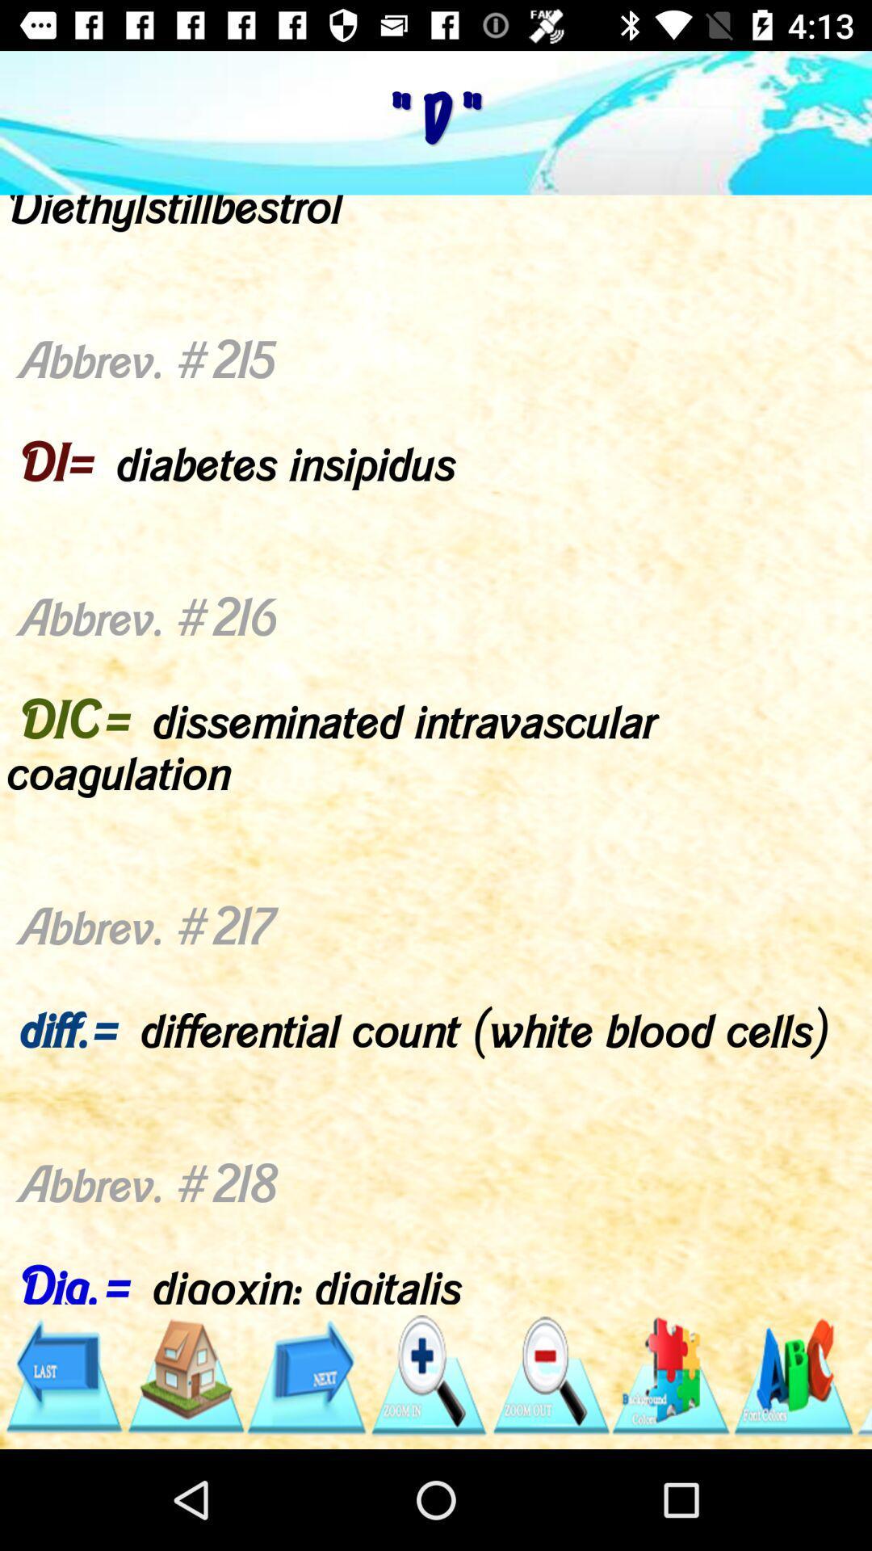 This screenshot has width=872, height=1551. Describe the element at coordinates (862, 1375) in the screenshot. I see `icon below abbrev 	209	 	d` at that location.